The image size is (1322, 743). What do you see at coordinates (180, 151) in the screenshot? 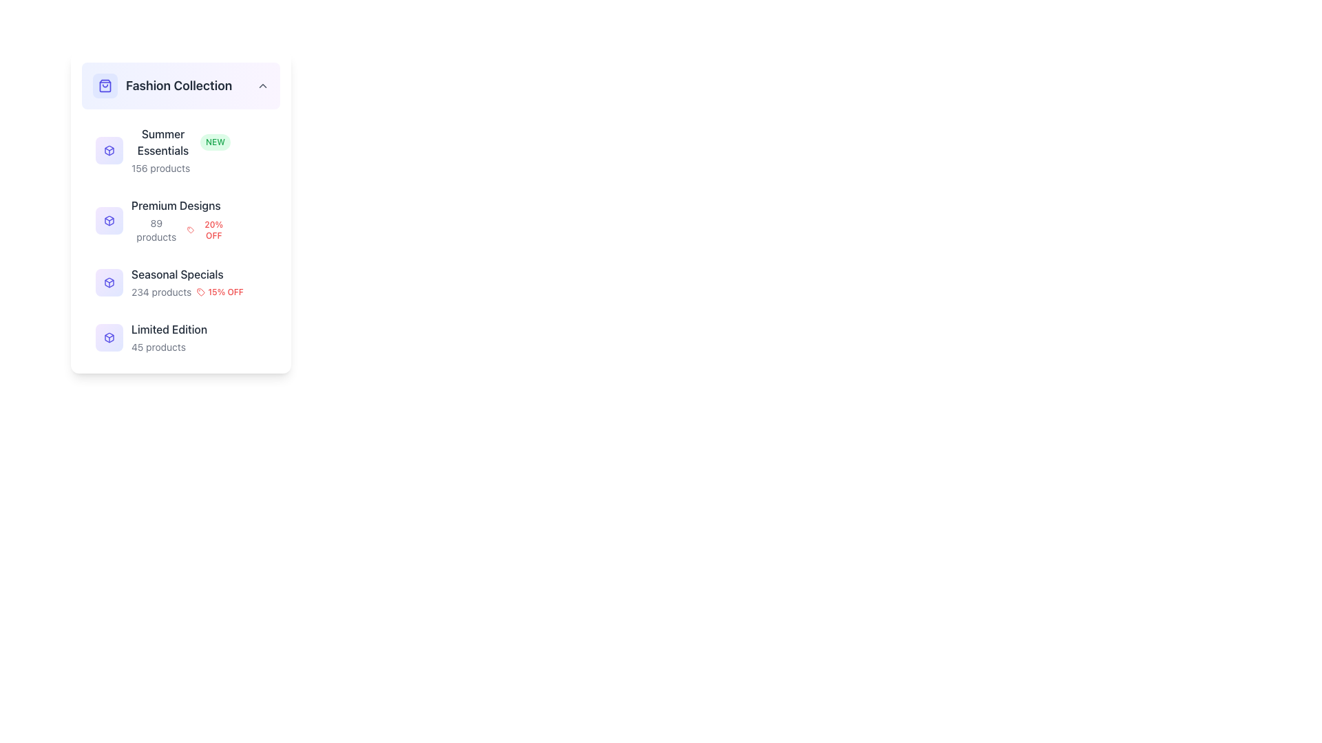
I see `the 'Summer Essentials' category listing with badge and count` at bounding box center [180, 151].